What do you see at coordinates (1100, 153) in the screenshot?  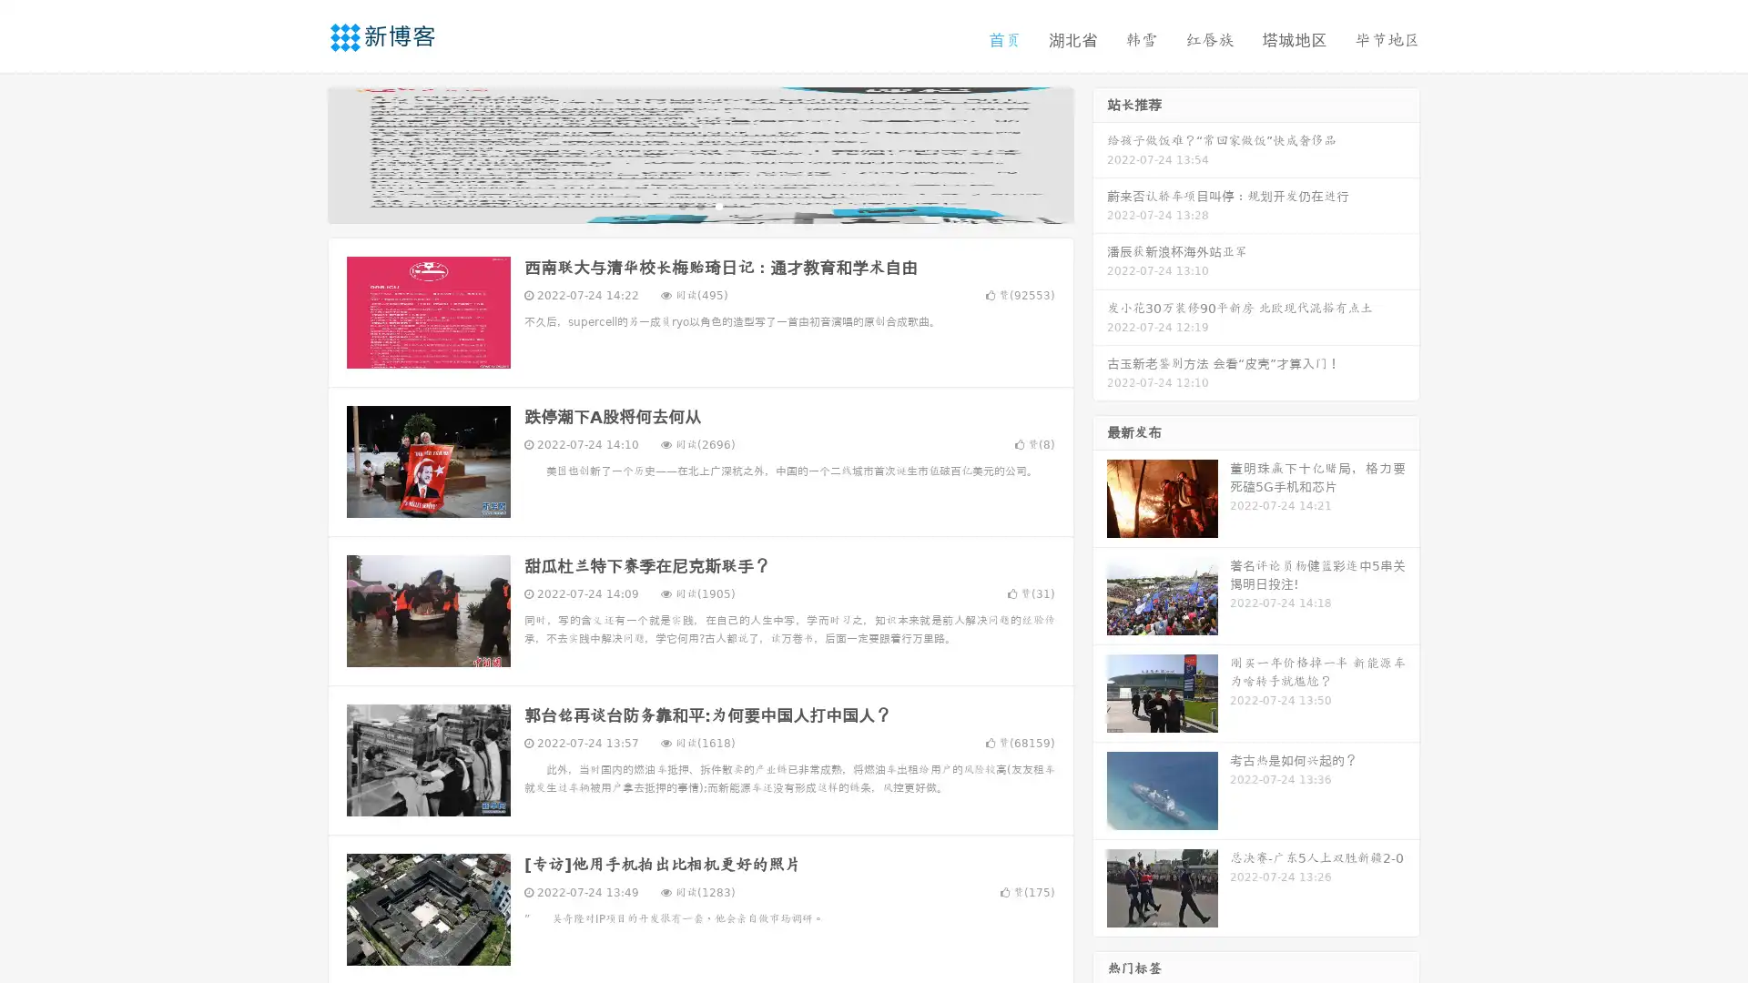 I see `Next slide` at bounding box center [1100, 153].